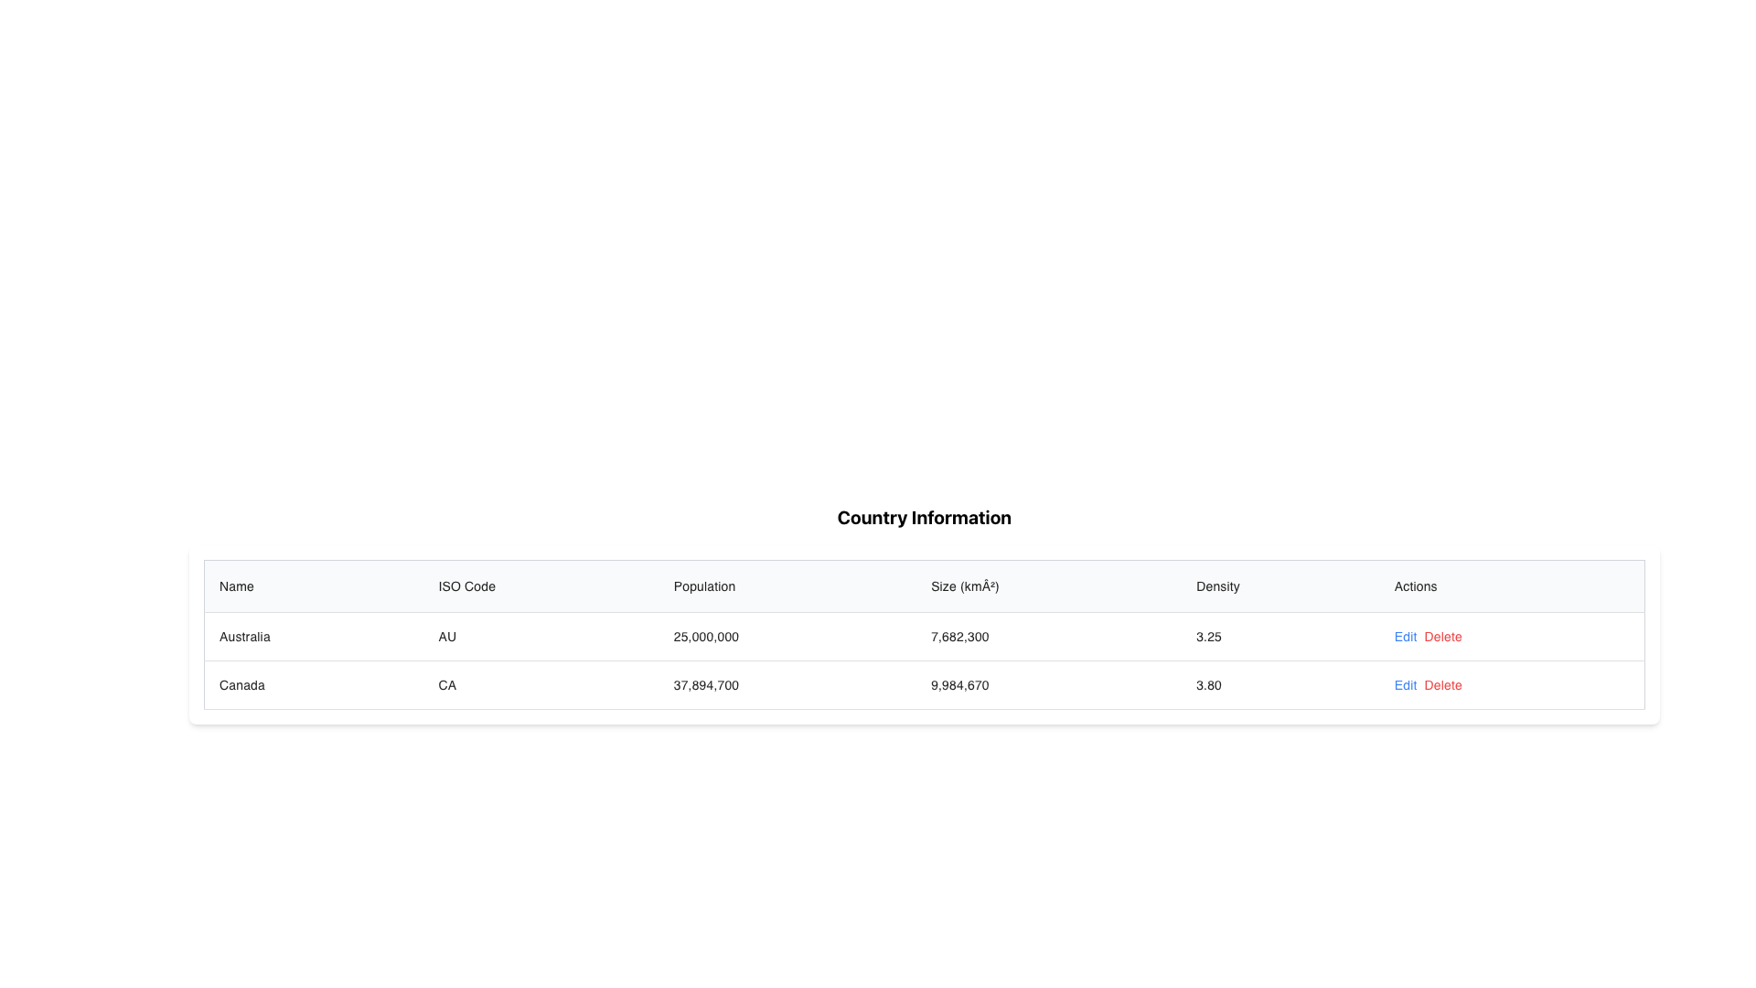  What do you see at coordinates (314, 636) in the screenshot?
I see `table cell displaying the name 'Australia', which is the first cell in the row under the 'Name' column` at bounding box center [314, 636].